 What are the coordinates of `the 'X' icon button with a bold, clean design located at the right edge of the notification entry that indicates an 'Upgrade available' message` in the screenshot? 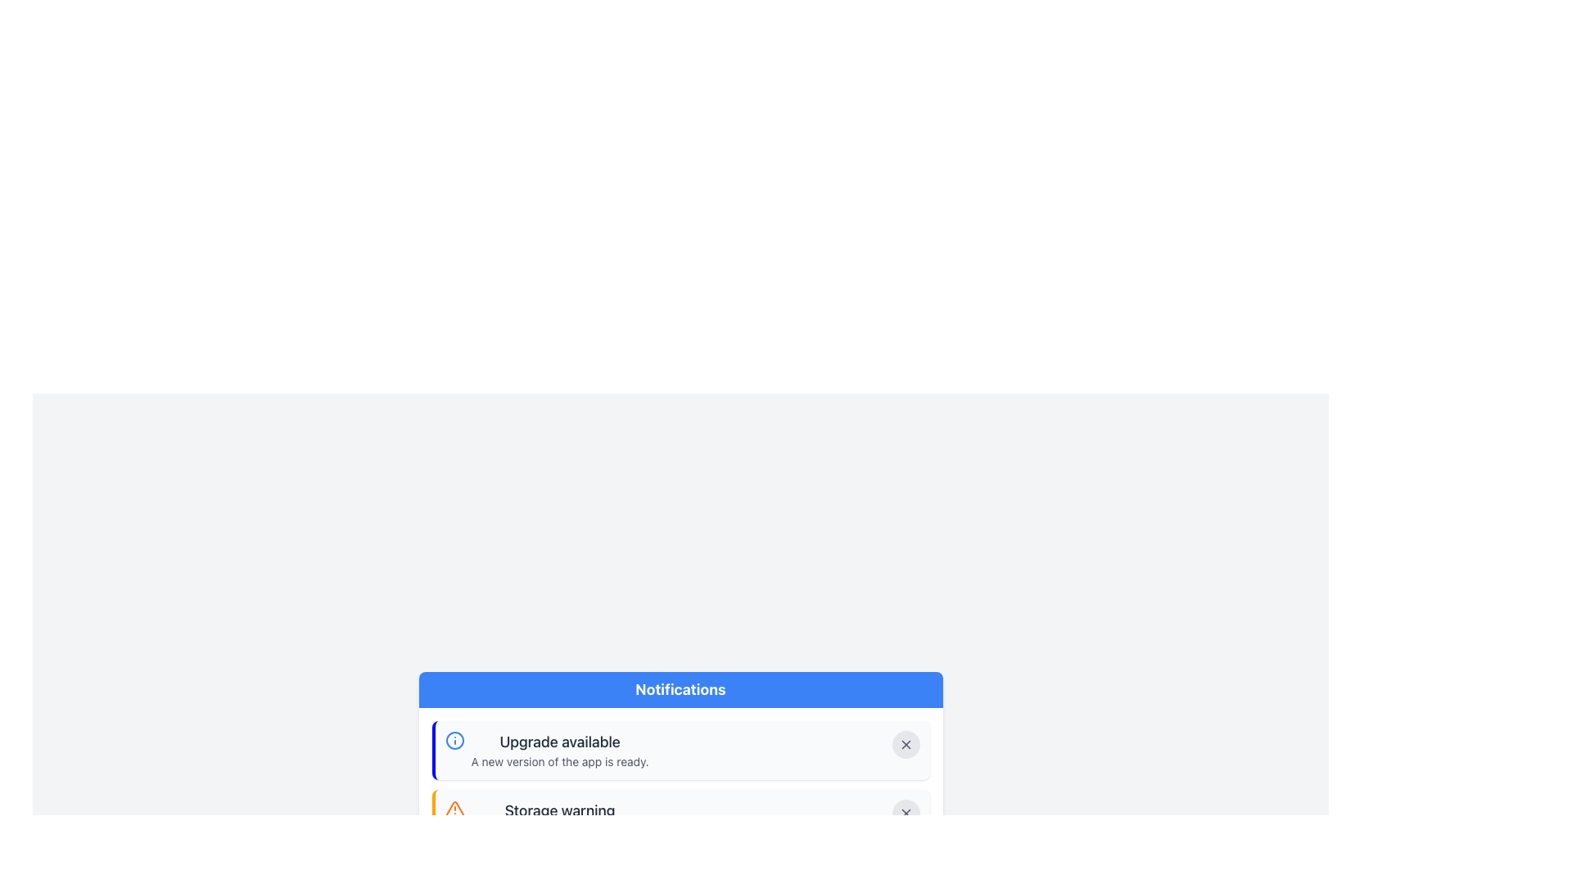 It's located at (905, 745).